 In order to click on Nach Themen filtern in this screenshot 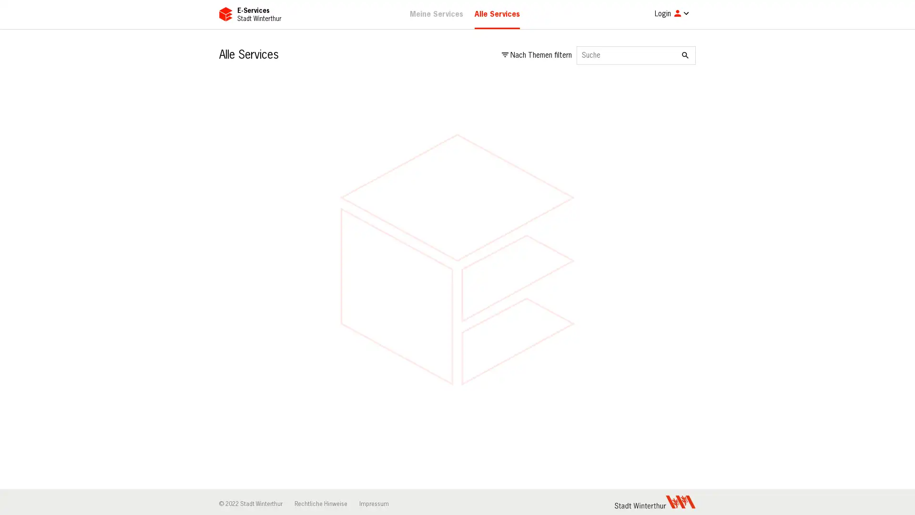, I will do `click(537, 55)`.